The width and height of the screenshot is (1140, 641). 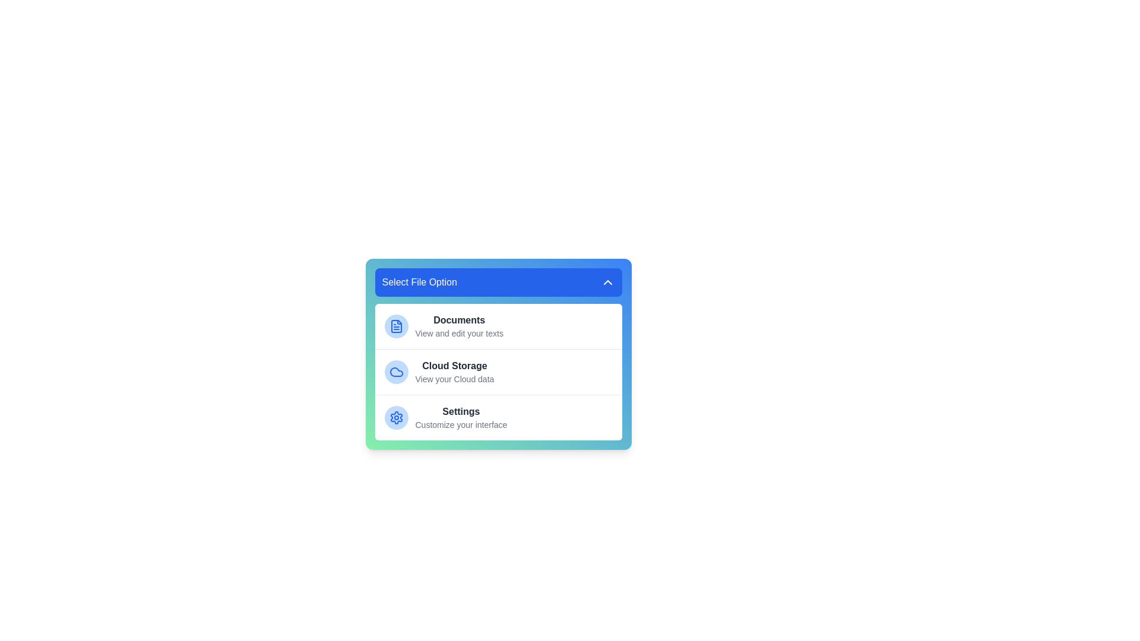 What do you see at coordinates (396, 326) in the screenshot?
I see `the document file icon, which is rectangular with a folded corner and located in the top left of the dropdown panel, above the 'Cloud Storage' and 'Settings' options` at bounding box center [396, 326].